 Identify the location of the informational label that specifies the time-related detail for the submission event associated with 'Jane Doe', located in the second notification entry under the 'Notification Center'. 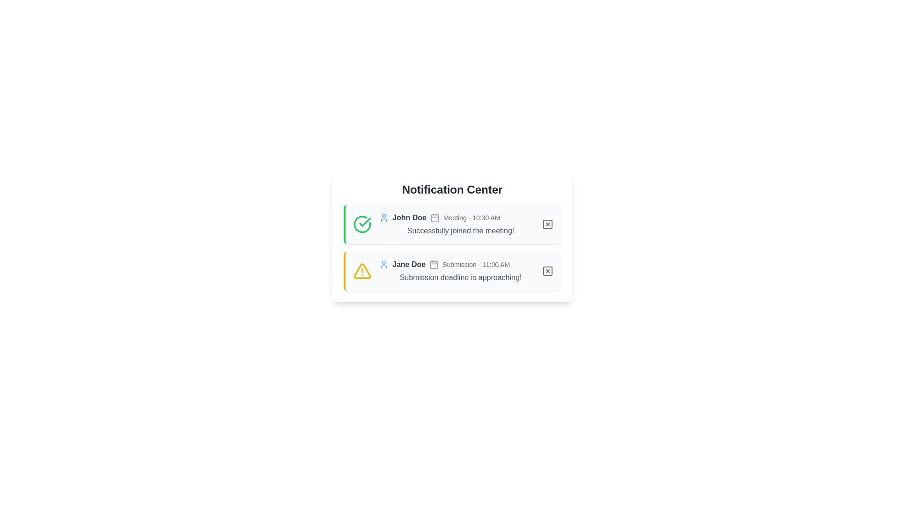
(476, 265).